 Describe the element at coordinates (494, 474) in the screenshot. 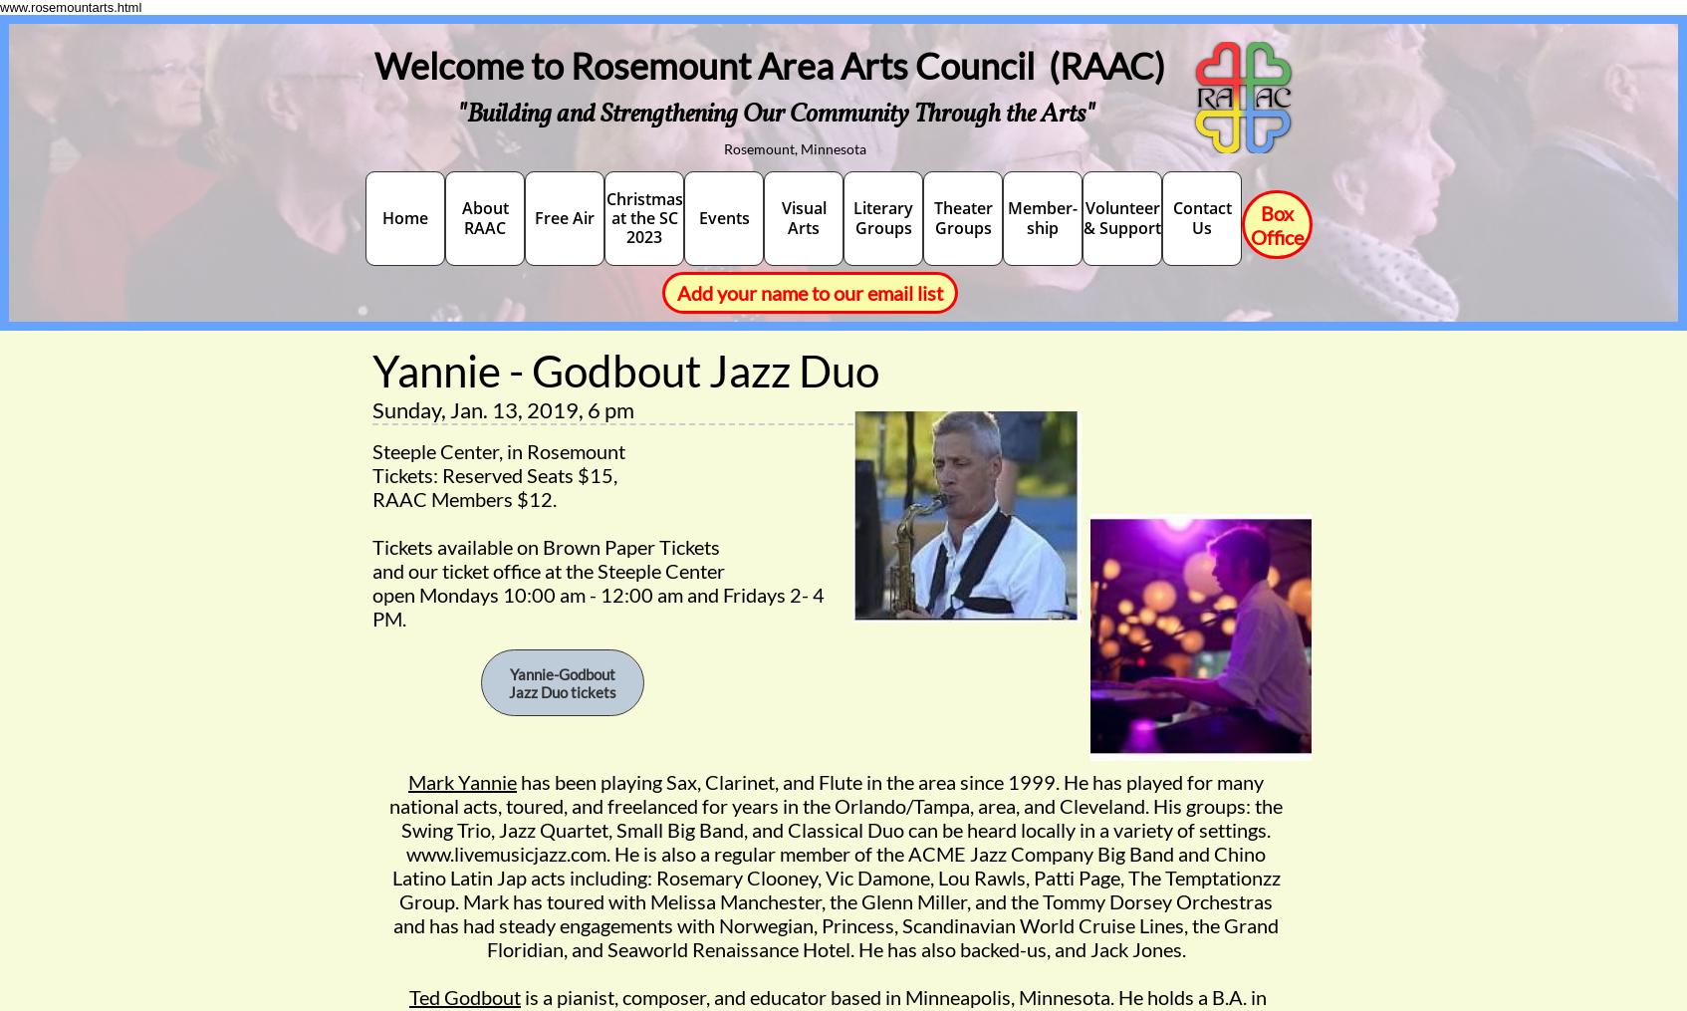

I see `'Tickets: Reserved Seats $15,'` at that location.